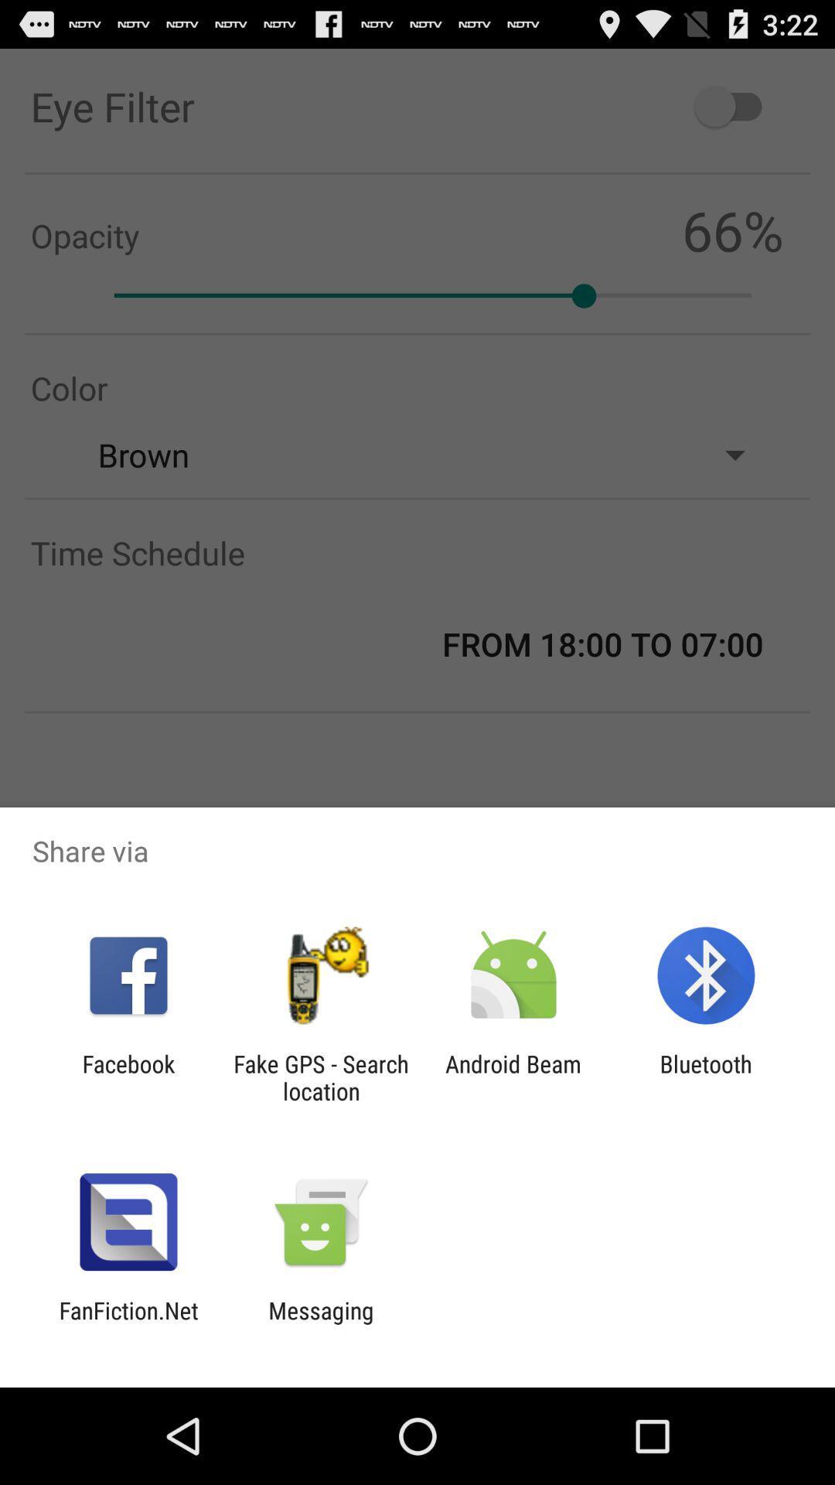 The width and height of the screenshot is (835, 1485). What do you see at coordinates (320, 1077) in the screenshot?
I see `item to the right of the facebook item` at bounding box center [320, 1077].